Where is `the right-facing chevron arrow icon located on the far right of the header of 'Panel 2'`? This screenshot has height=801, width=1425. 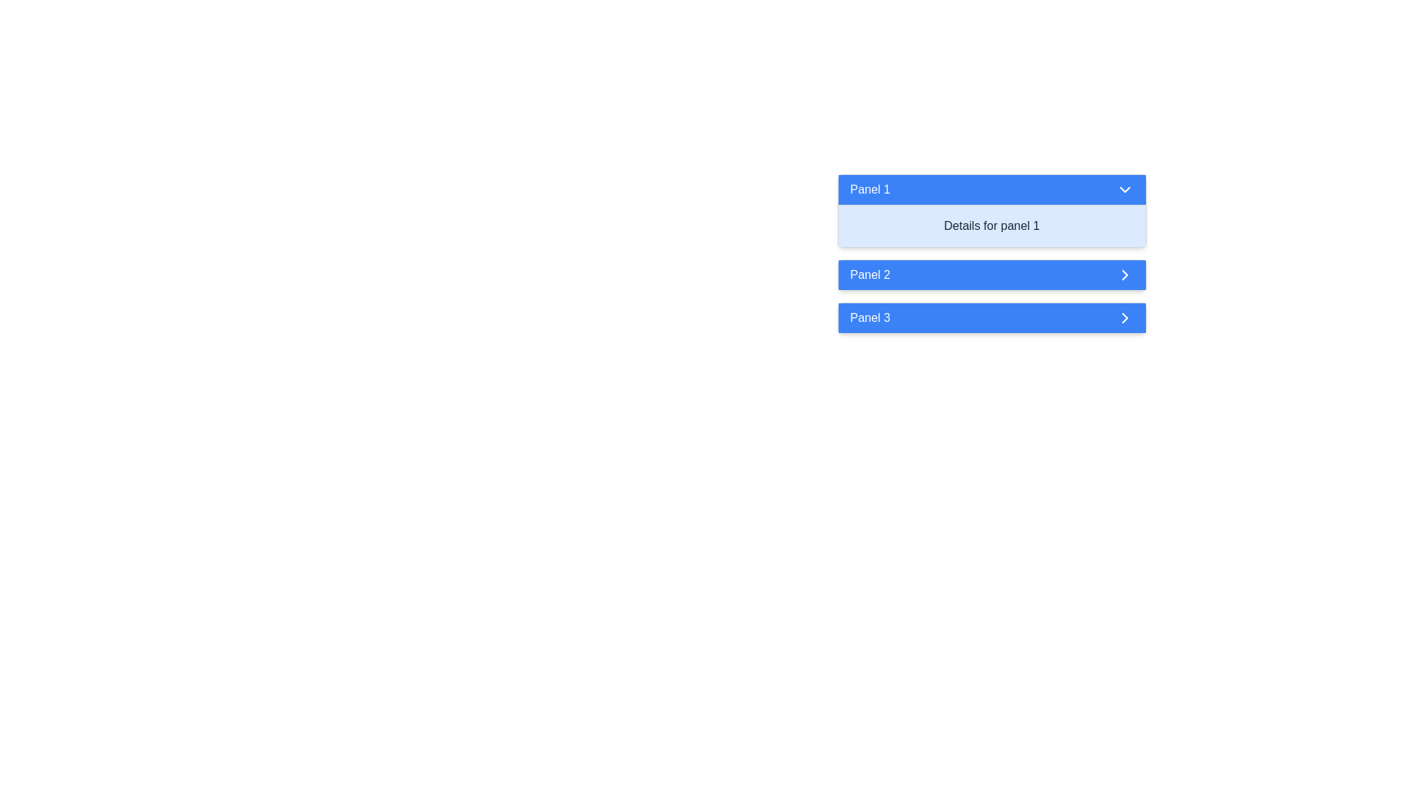
the right-facing chevron arrow icon located on the far right of the header of 'Panel 2' is located at coordinates (1124, 274).